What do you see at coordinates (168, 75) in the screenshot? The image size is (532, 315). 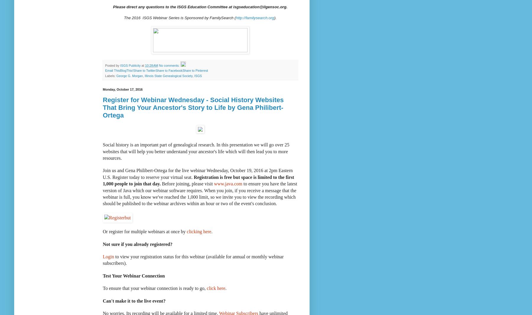 I see `'Illinois State Genealogical Society'` at bounding box center [168, 75].